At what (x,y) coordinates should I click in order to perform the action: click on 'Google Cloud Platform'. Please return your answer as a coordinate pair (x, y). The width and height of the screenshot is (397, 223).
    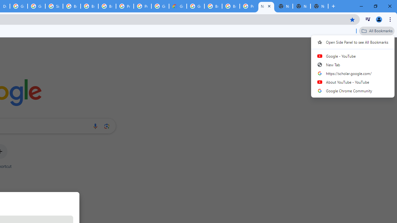
    Looking at the image, I should click on (195, 6).